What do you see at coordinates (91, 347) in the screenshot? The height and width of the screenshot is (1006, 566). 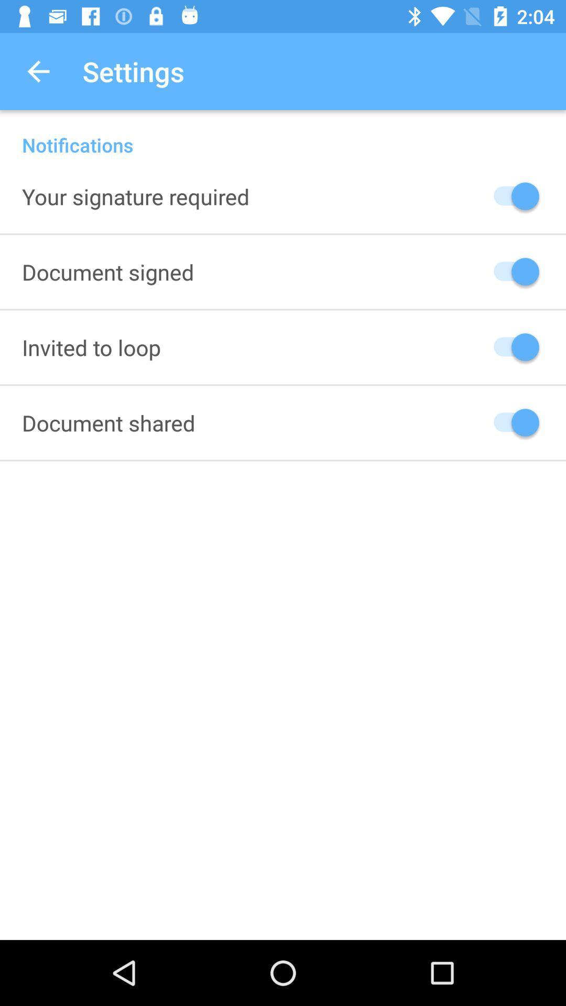 I see `the icon below the document signed icon` at bounding box center [91, 347].